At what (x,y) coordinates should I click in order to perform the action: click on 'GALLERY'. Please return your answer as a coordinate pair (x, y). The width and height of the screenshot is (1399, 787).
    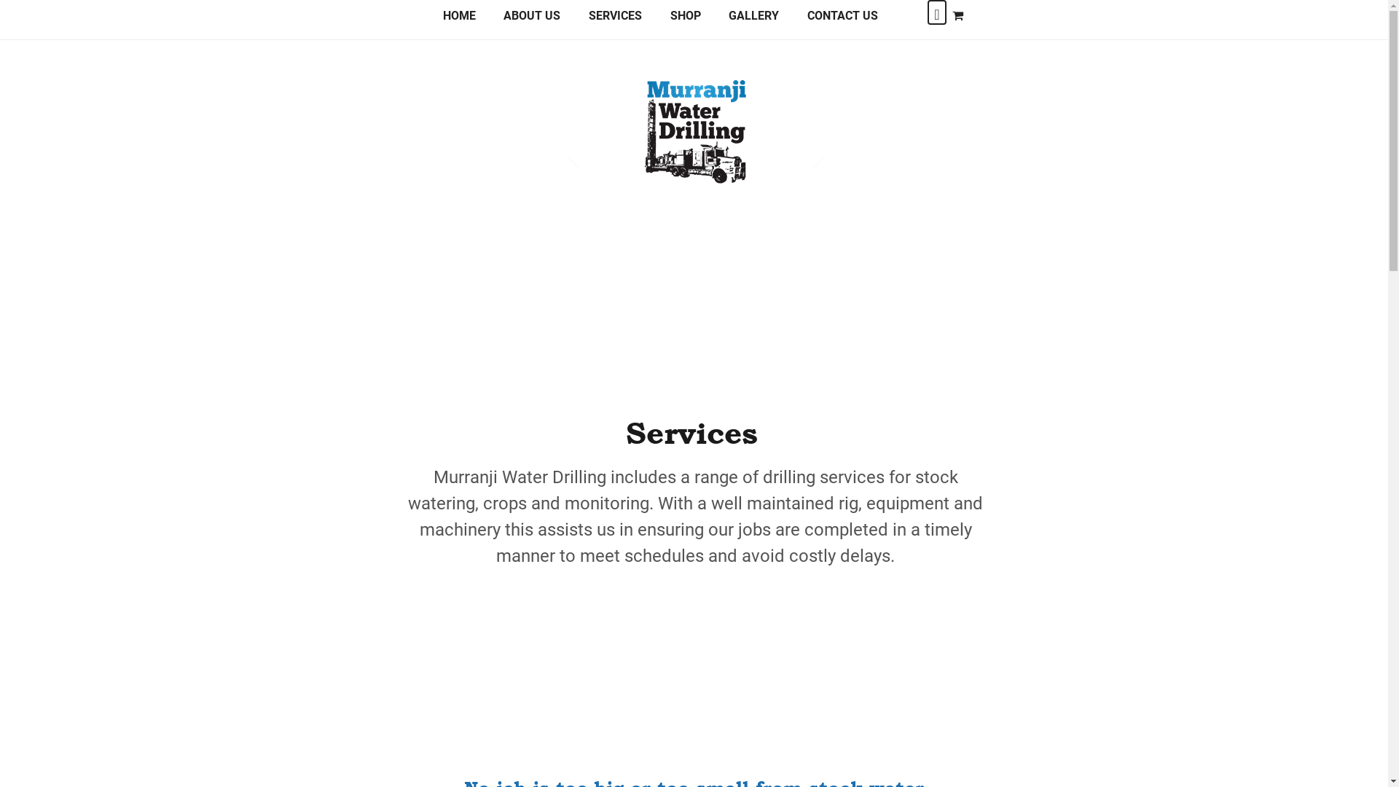
    Looking at the image, I should click on (753, 21).